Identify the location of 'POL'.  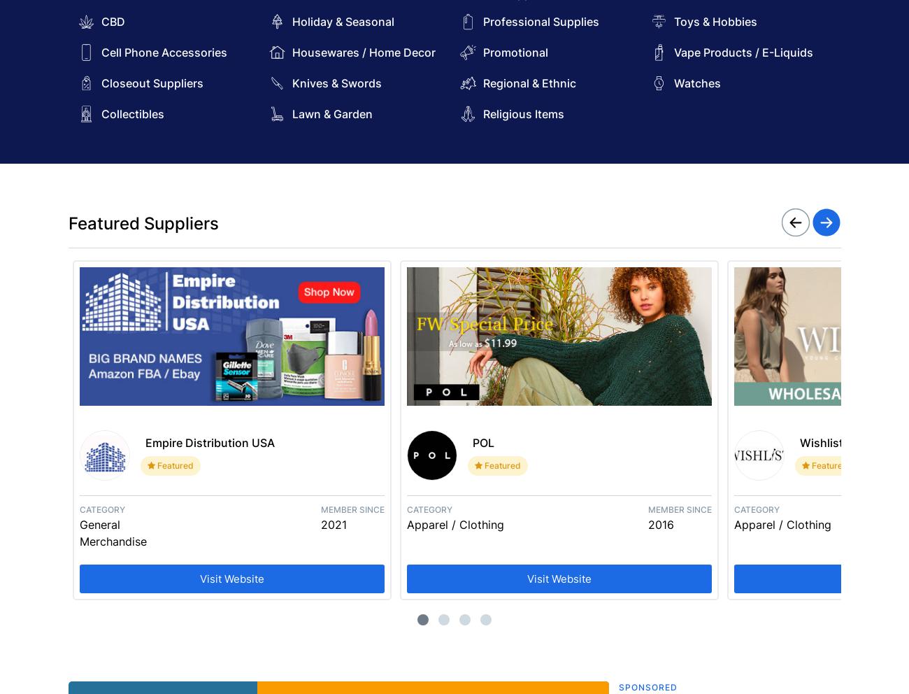
(471, 442).